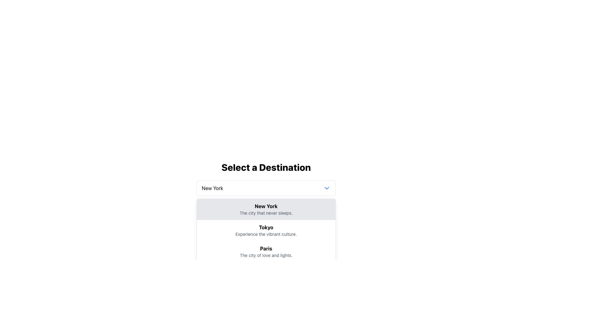 The height and width of the screenshot is (336, 597). I want to click on the dropdown indicator icon located to the right of the text 'New York', so click(326, 188).